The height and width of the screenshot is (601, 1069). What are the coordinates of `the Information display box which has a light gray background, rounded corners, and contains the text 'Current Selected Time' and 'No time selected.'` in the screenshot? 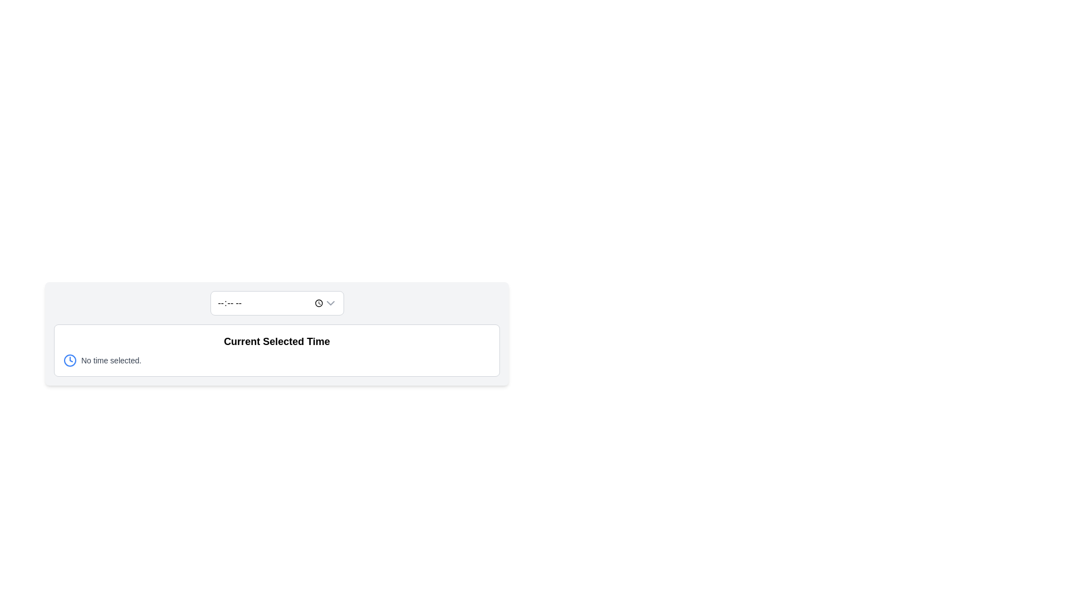 It's located at (277, 333).